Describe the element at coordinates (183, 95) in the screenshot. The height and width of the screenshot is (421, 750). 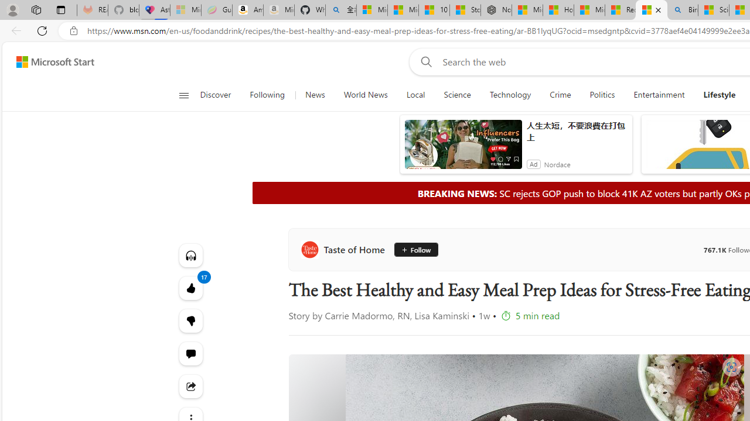
I see `'Open navigation menu'` at that location.